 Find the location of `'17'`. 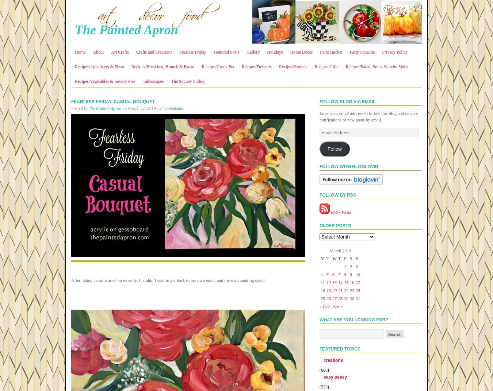

'17' is located at coordinates (357, 282).